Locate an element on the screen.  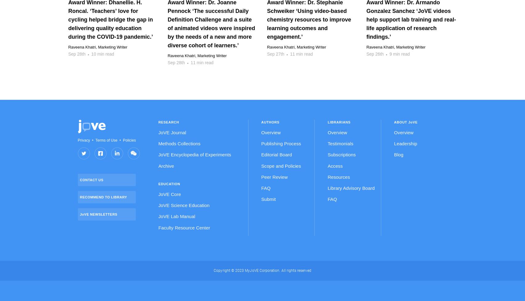
'JoVE NEWSLETTERS' is located at coordinates (98, 214).